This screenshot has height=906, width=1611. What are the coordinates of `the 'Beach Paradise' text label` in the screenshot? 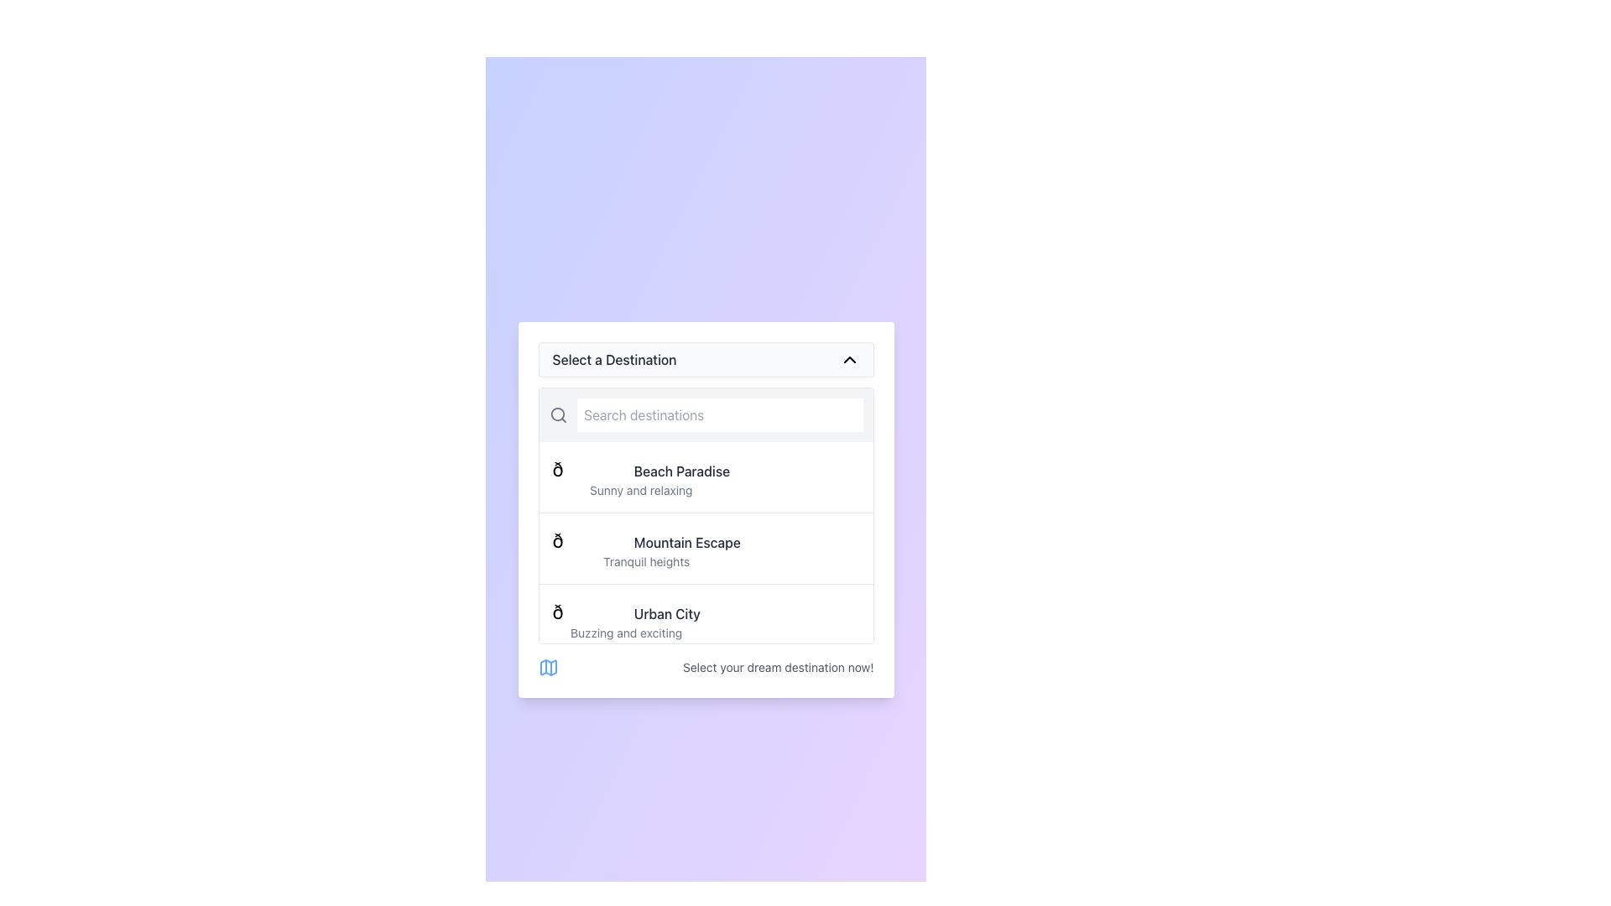 It's located at (681, 471).